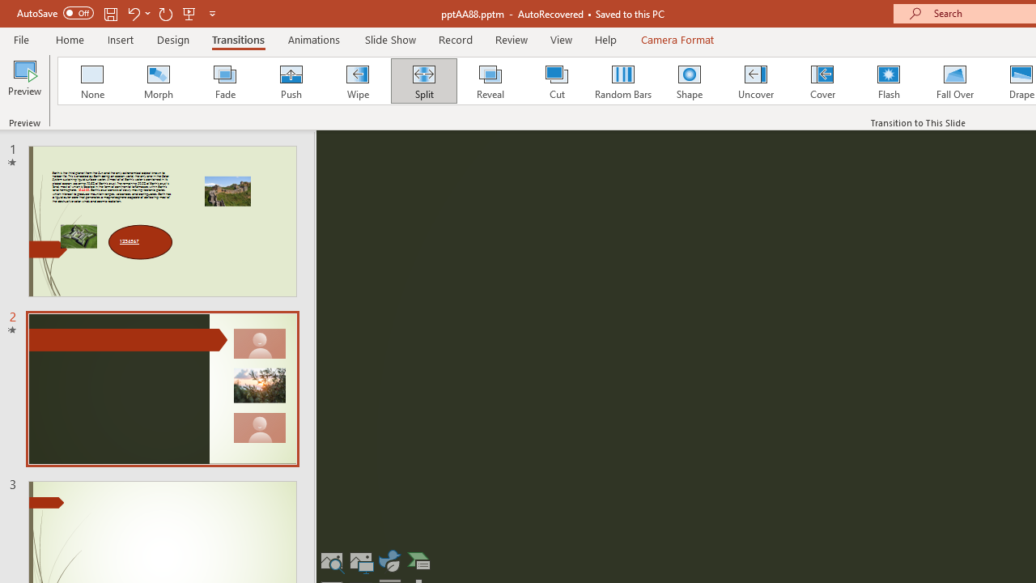 The image size is (1036, 583). What do you see at coordinates (158, 81) in the screenshot?
I see `'Morph'` at bounding box center [158, 81].